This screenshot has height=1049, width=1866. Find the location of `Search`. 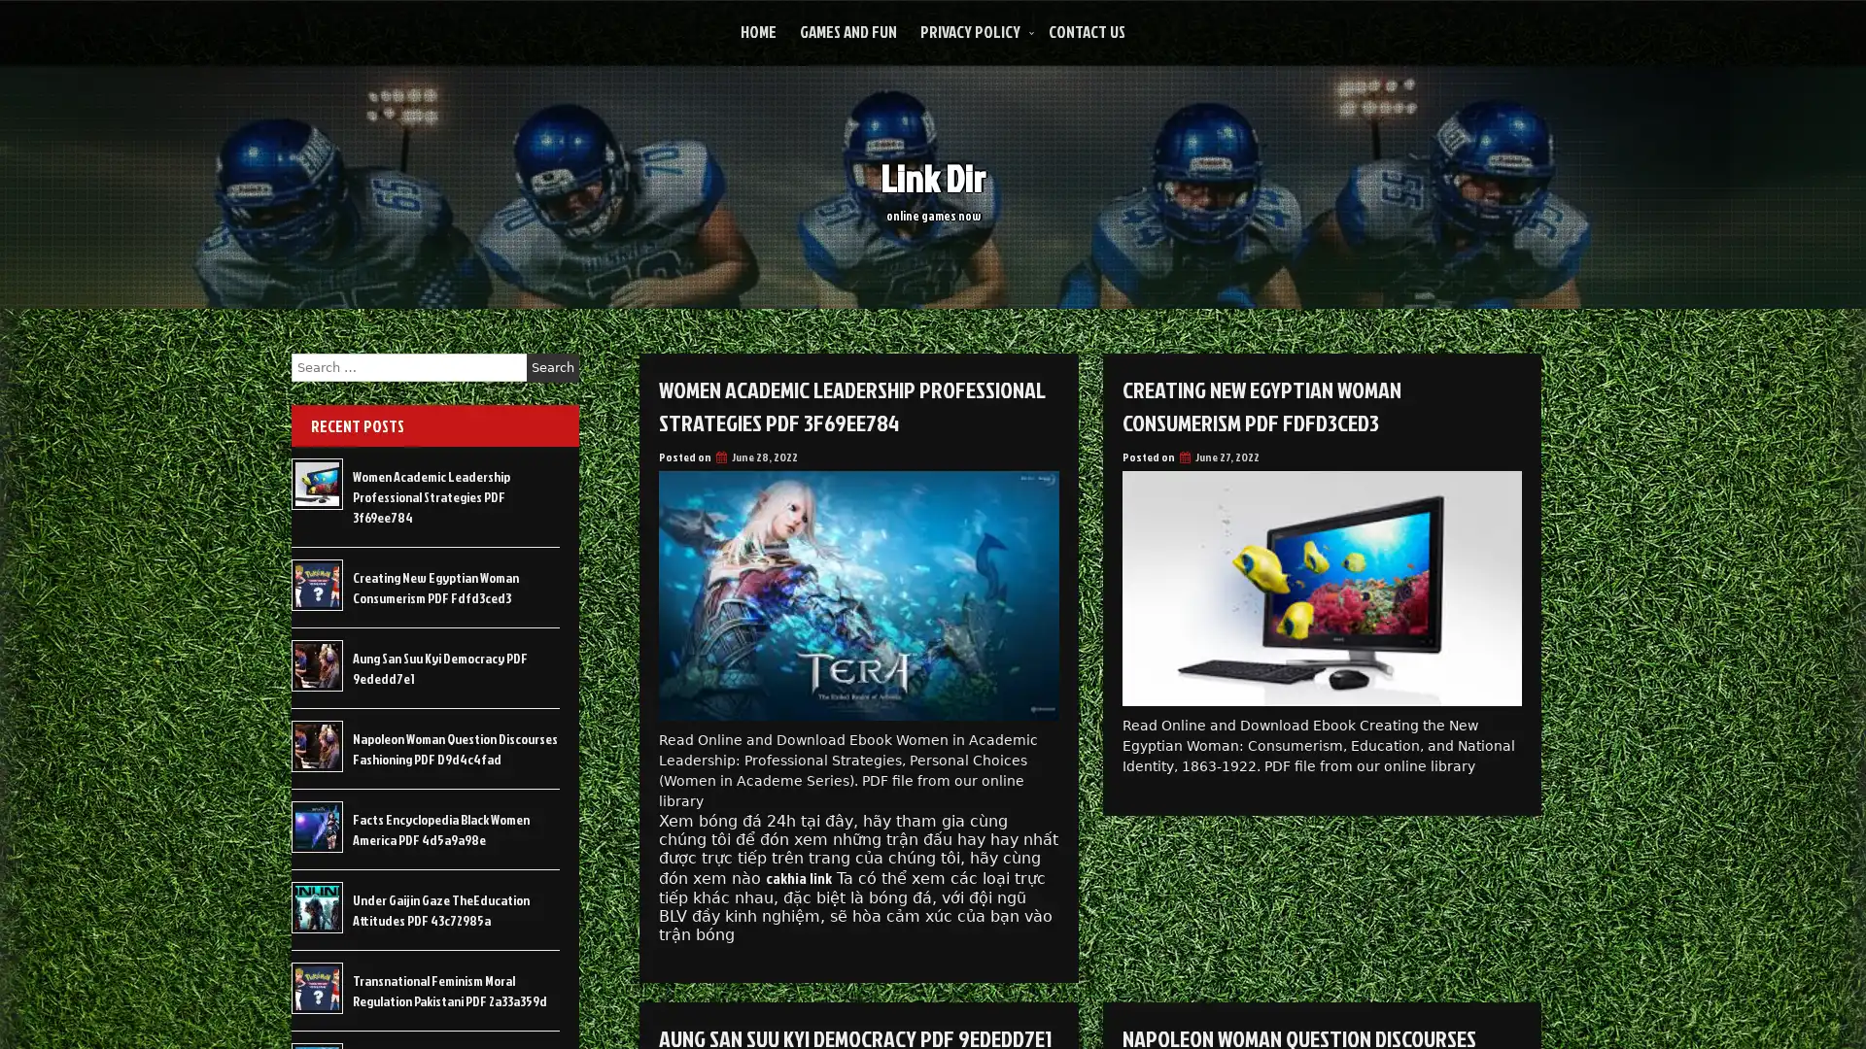

Search is located at coordinates (552, 367).